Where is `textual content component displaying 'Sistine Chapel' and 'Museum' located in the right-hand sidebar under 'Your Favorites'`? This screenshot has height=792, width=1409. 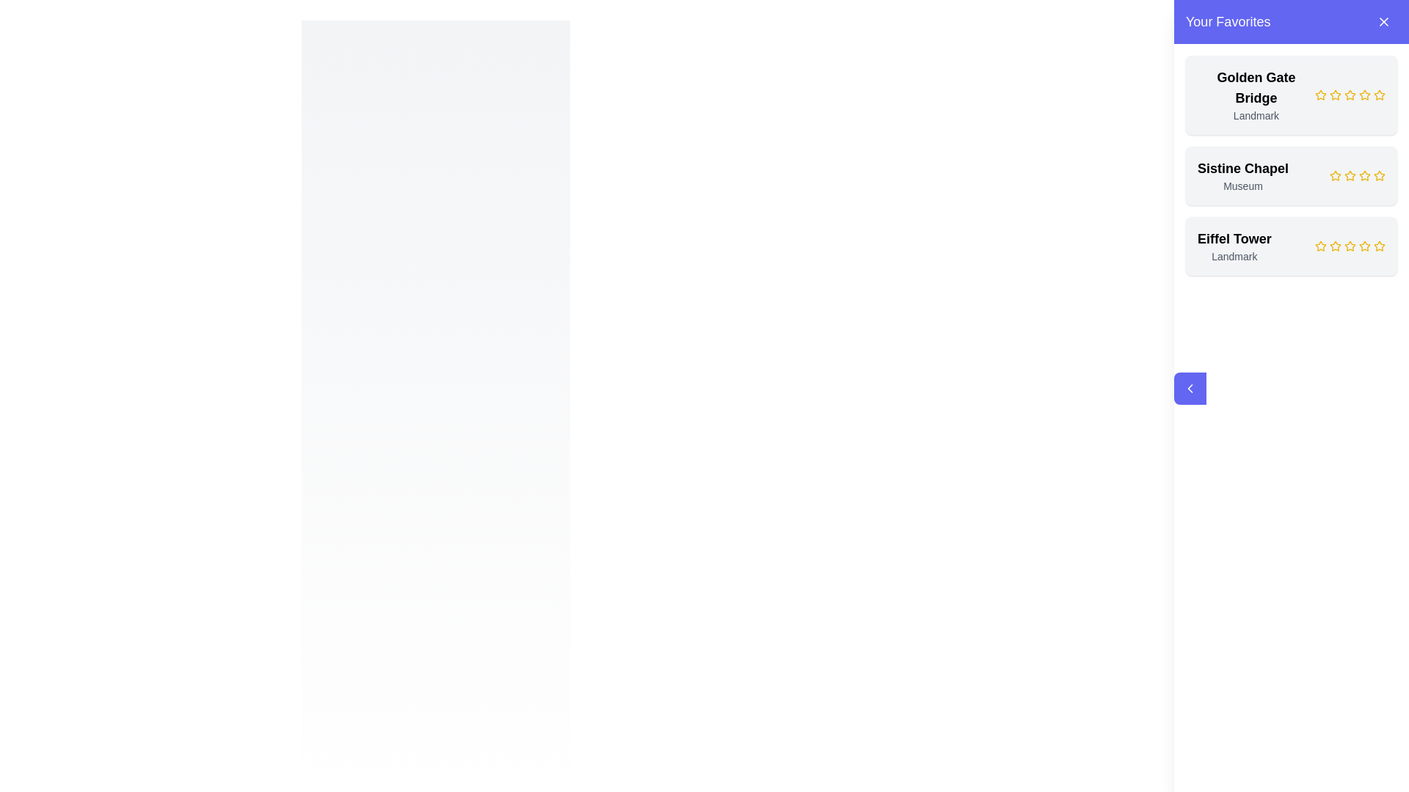 textual content component displaying 'Sistine Chapel' and 'Museum' located in the right-hand sidebar under 'Your Favorites' is located at coordinates (1242, 175).